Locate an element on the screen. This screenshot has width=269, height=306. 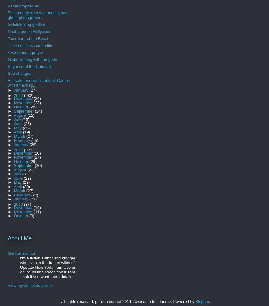
'Papal prophecies' is located at coordinates (23, 5).